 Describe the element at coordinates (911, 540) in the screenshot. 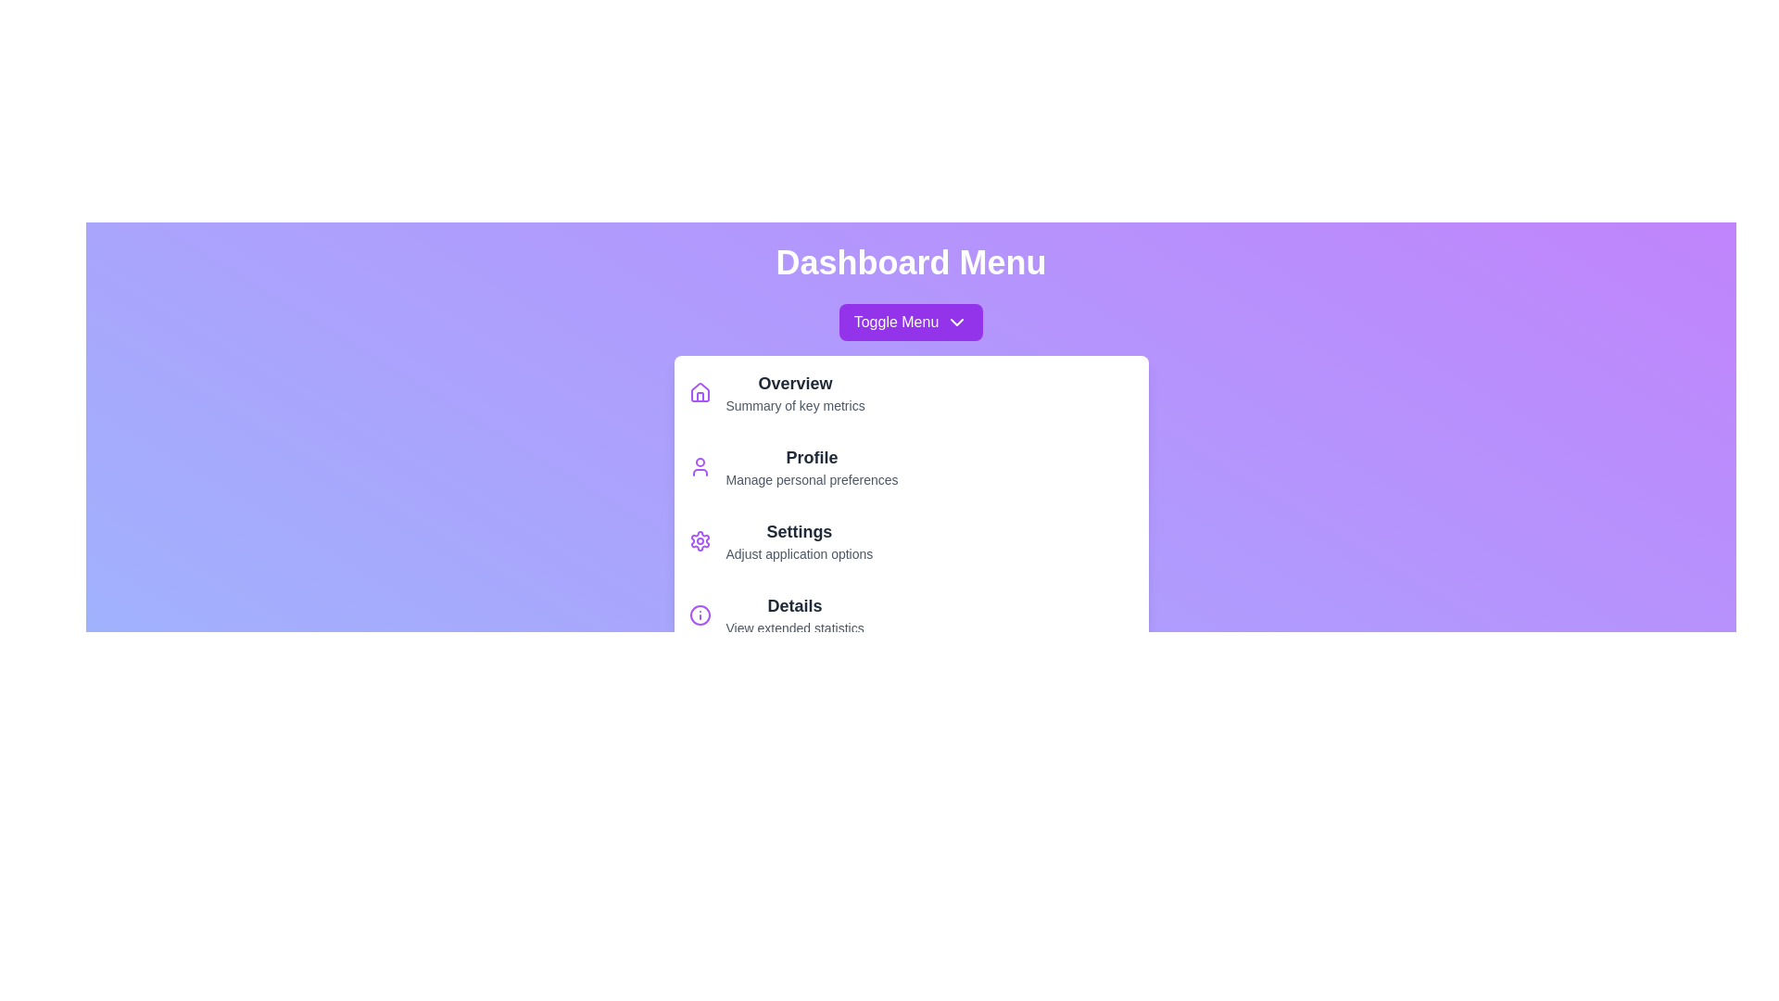

I see `the menu item Settings from the menu` at that location.